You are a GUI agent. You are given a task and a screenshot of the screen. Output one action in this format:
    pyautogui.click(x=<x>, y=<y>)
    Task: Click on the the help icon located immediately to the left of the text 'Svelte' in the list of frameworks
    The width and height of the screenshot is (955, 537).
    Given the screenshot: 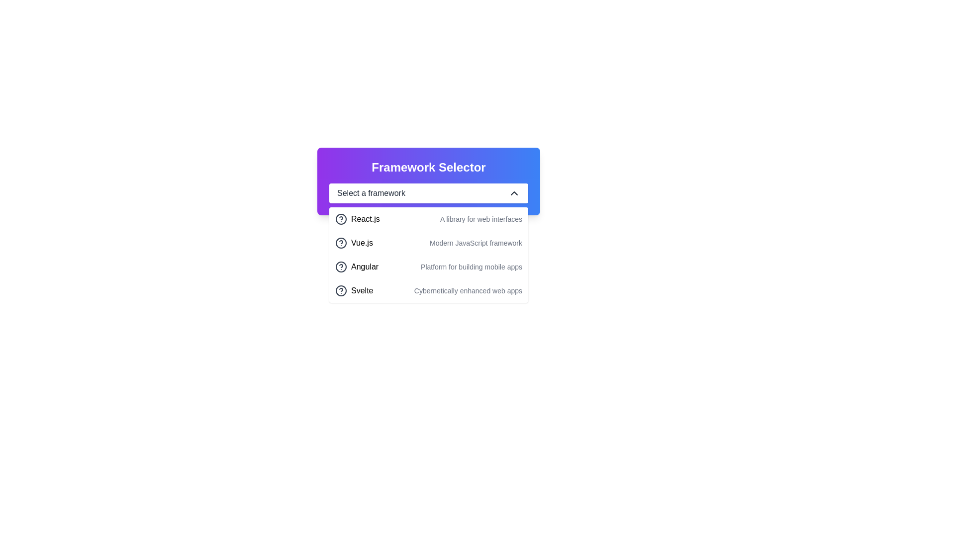 What is the action you would take?
    pyautogui.click(x=341, y=291)
    